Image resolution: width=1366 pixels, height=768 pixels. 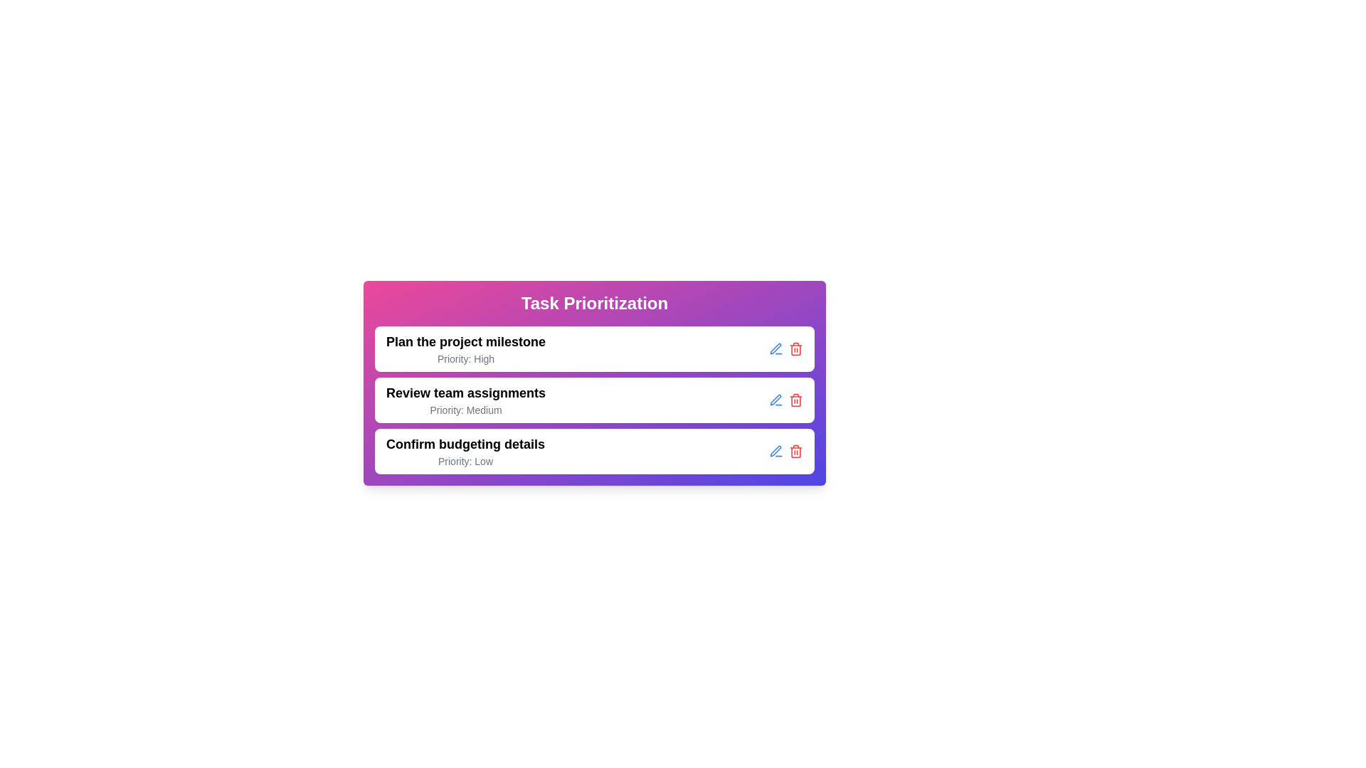 What do you see at coordinates (465, 452) in the screenshot?
I see `the Text Label (multi-line) displaying 'Confirm budgeting details' with priority level 'Low', which is the third option under the header 'Task Prioritization'` at bounding box center [465, 452].